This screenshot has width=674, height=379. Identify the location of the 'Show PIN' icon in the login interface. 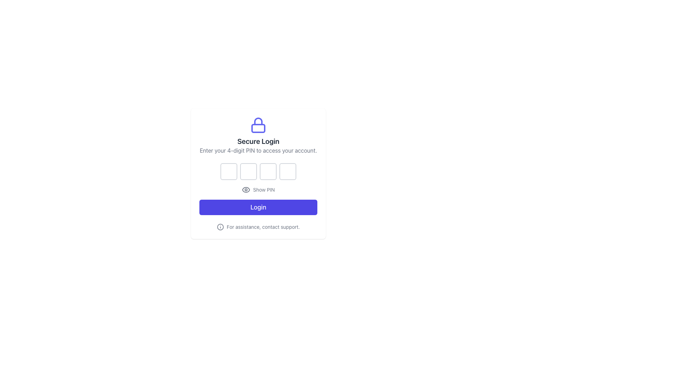
(258, 173).